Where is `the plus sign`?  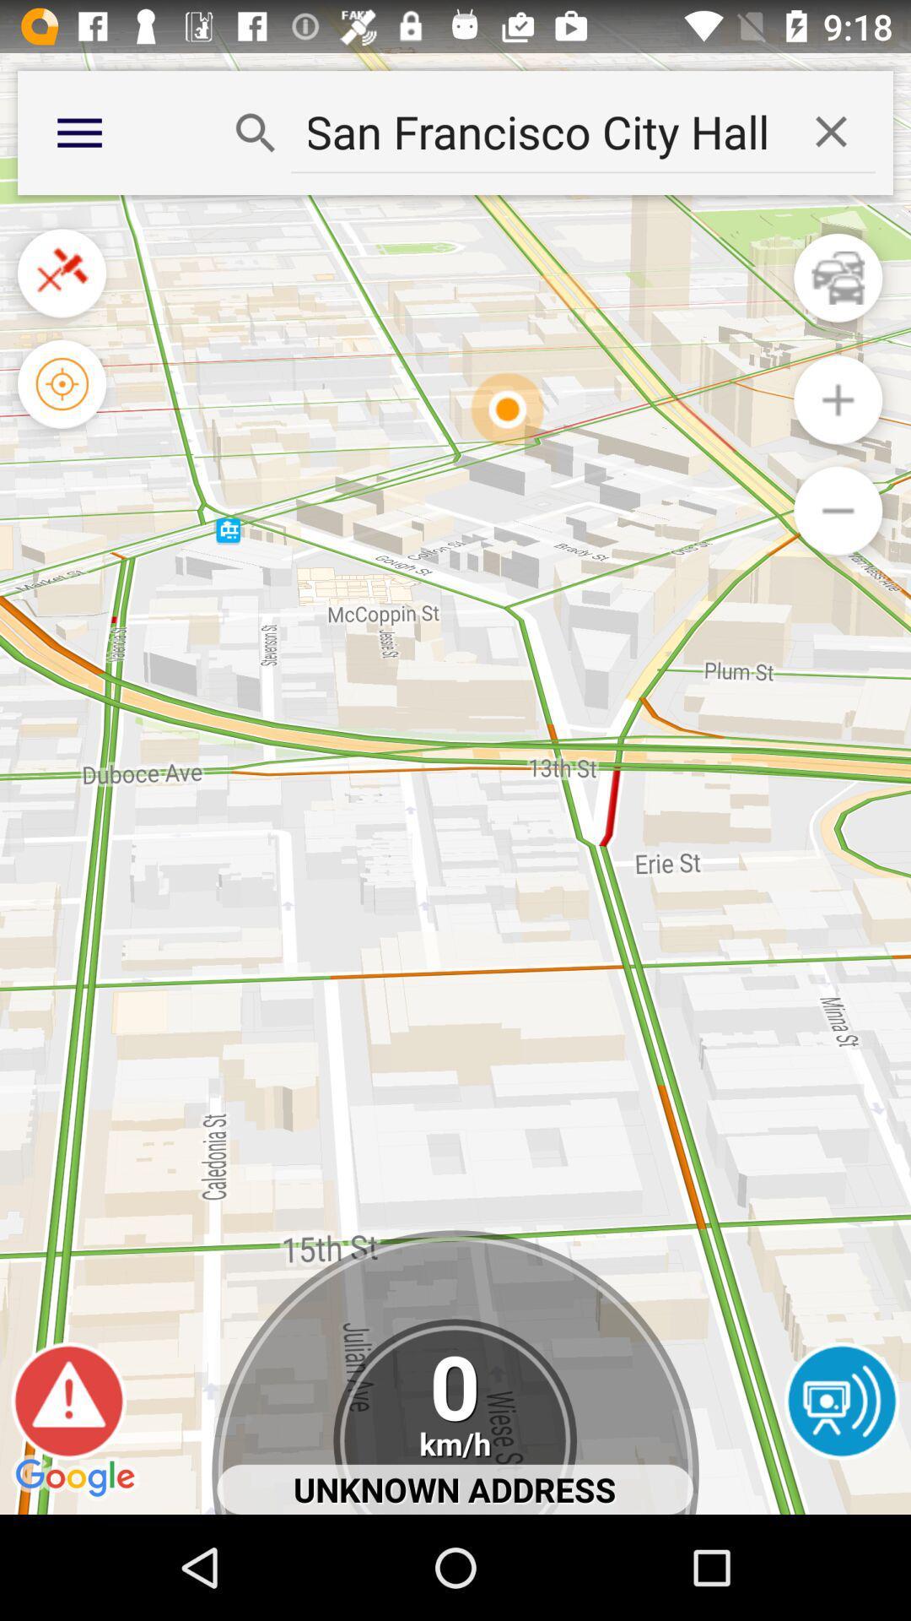
the plus sign is located at coordinates (838, 399).